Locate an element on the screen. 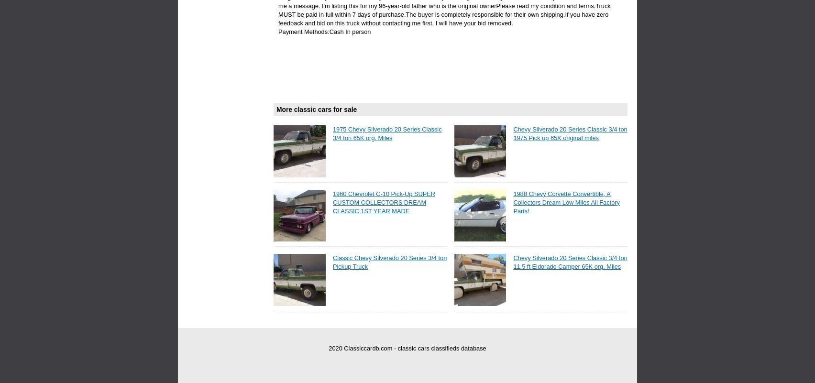 The width and height of the screenshot is (815, 383). 'Payment Methods:' is located at coordinates (278, 31).